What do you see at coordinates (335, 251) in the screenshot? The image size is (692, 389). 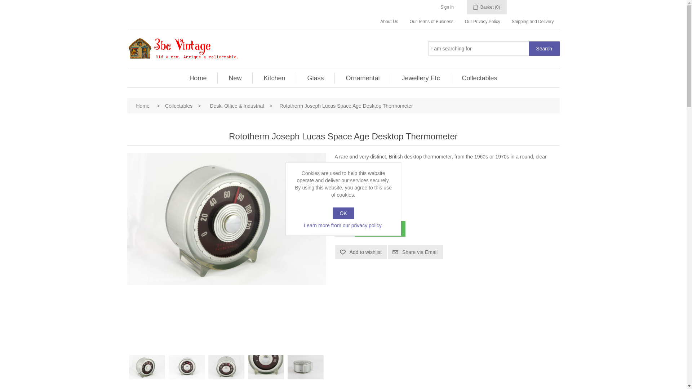 I see `'Add to wishlist'` at bounding box center [335, 251].